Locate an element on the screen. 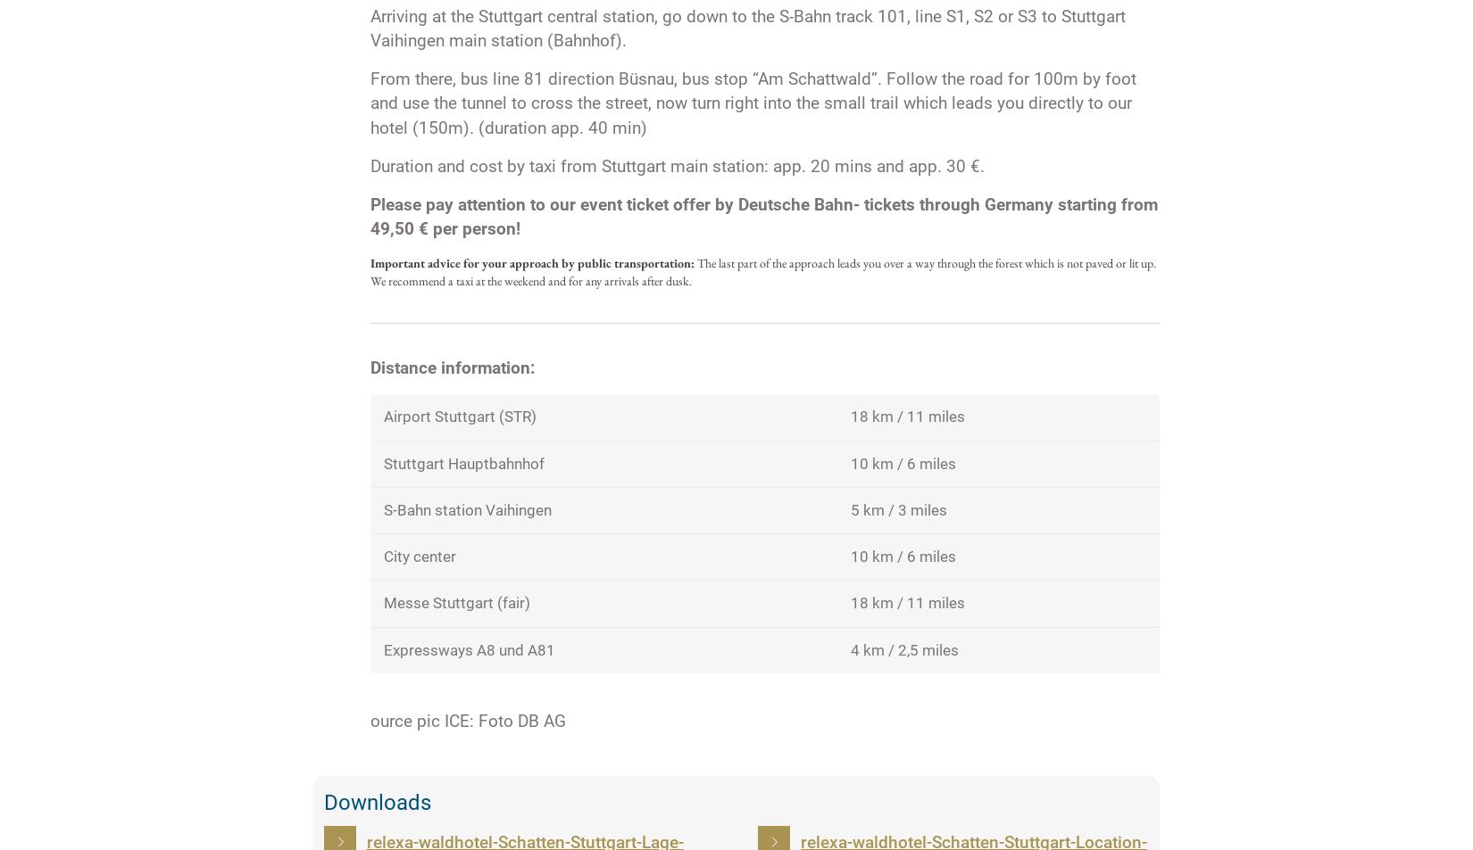 The width and height of the screenshot is (1473, 850). 'ource pic ICE: Foto DB AG' is located at coordinates (466, 720).